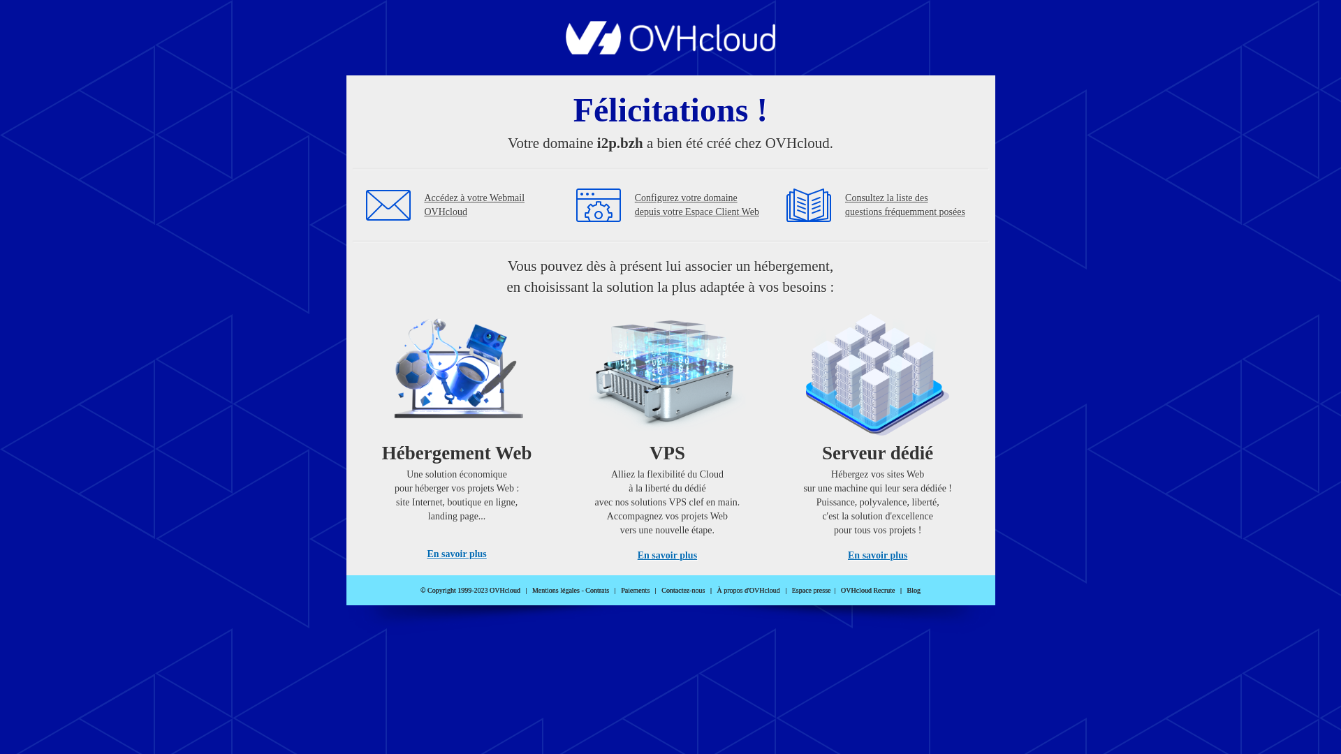 The image size is (1341, 754). Describe the element at coordinates (666, 554) in the screenshot. I see `'En savoir plus'` at that location.